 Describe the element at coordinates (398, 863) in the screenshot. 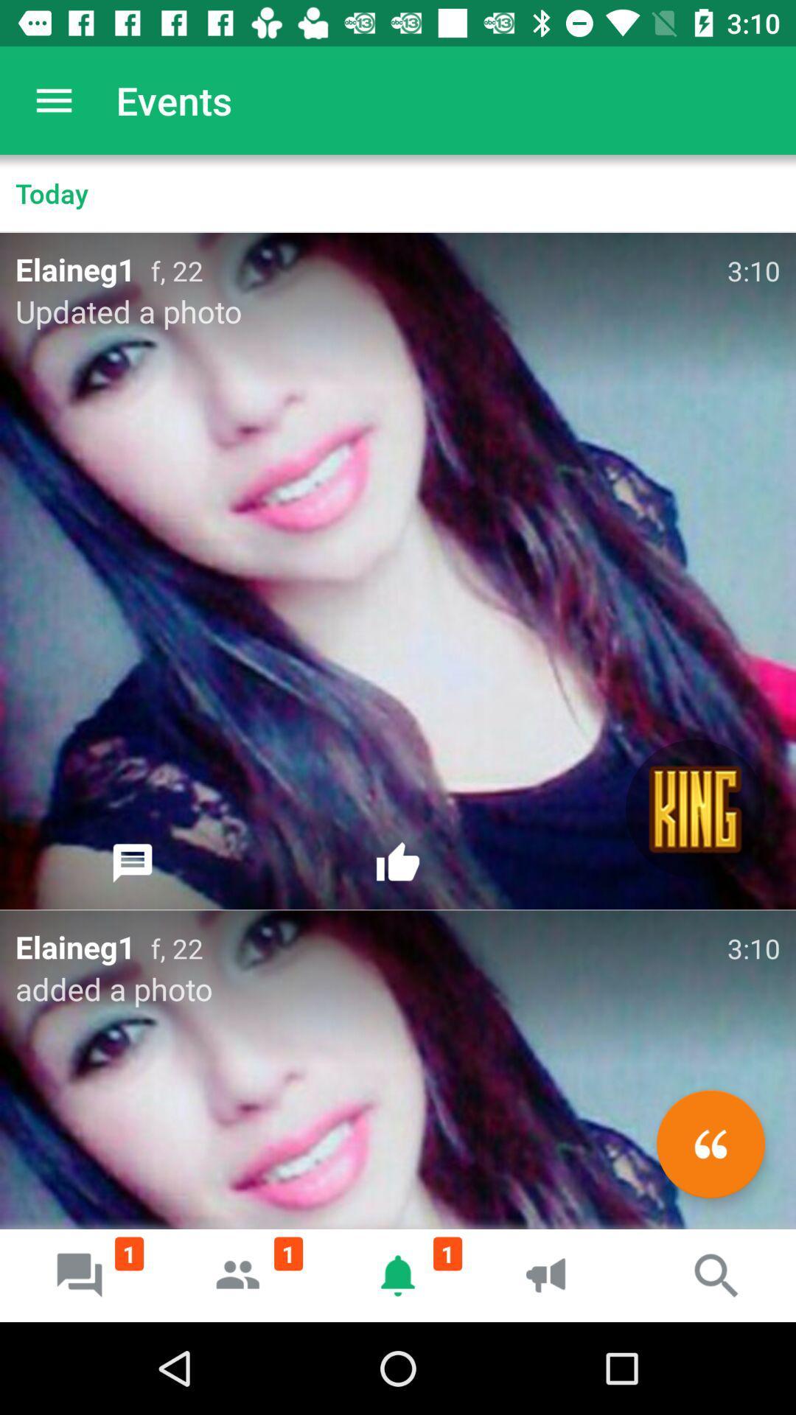

I see `icon below f, 22 icon` at that location.